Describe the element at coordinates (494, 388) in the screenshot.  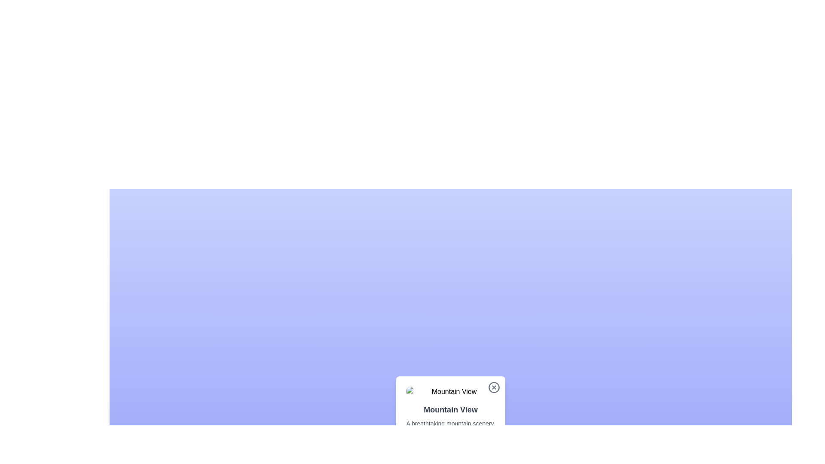
I see `the circular close button with a dark border and a white background featuring a cross ('X') in the center, located in the top-right corner of a card-like structure` at that location.